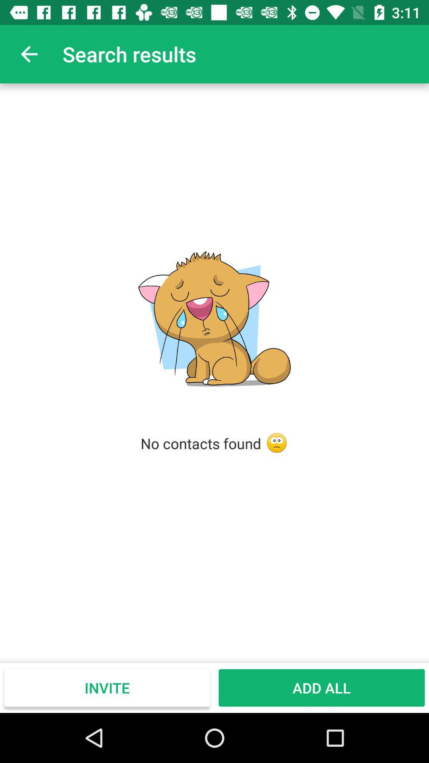  I want to click on item above no contacts found :( icon, so click(29, 54).